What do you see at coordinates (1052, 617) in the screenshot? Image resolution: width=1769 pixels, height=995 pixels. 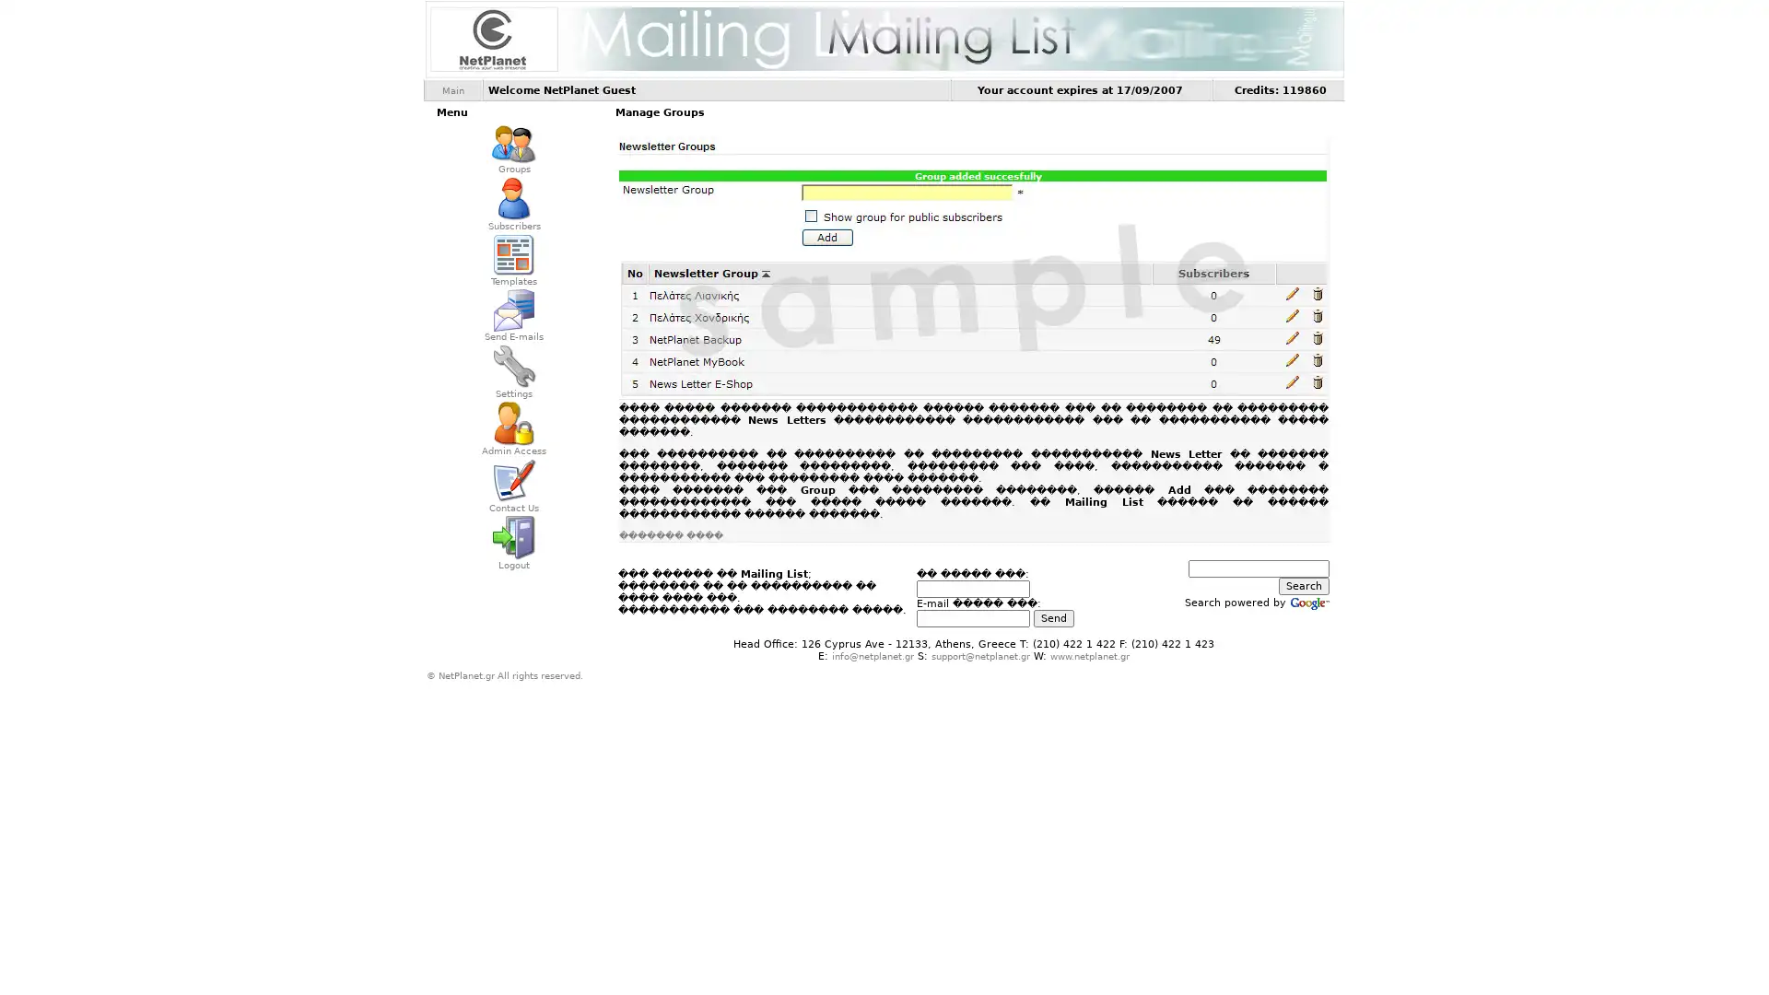 I see `Send` at bounding box center [1052, 617].